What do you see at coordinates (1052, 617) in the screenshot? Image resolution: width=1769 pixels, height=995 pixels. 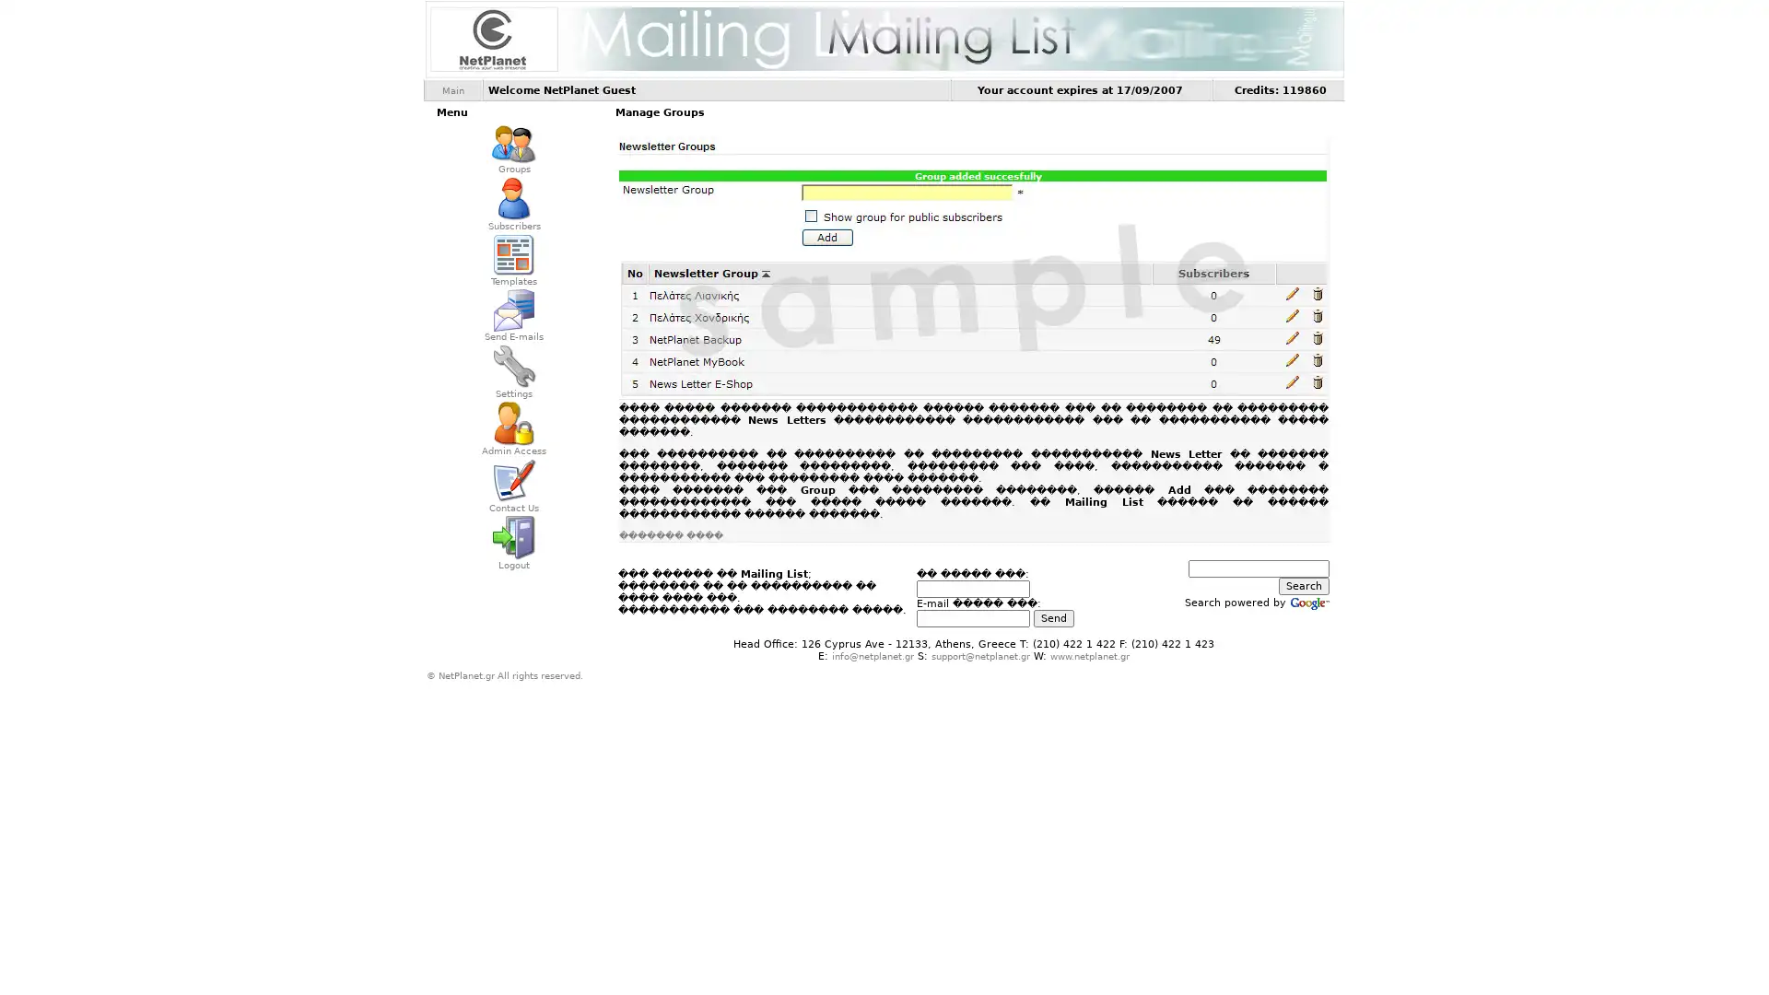 I see `Send` at bounding box center [1052, 617].